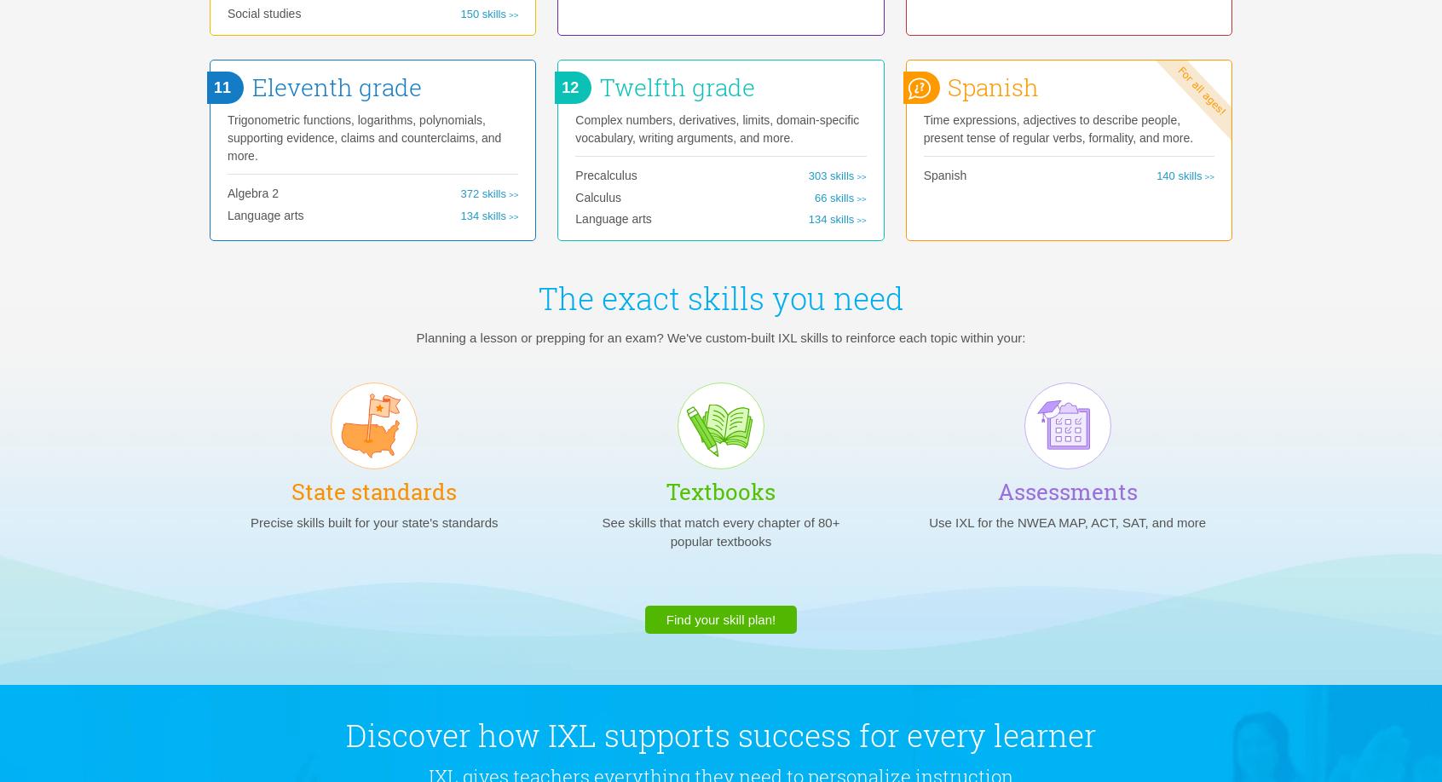 This screenshot has height=782, width=1442. I want to click on '372 skills', so click(482, 193).